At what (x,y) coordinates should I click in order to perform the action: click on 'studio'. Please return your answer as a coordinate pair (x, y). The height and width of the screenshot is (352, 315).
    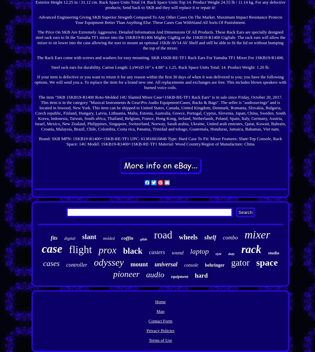
    Looking at the image, I should click on (273, 252).